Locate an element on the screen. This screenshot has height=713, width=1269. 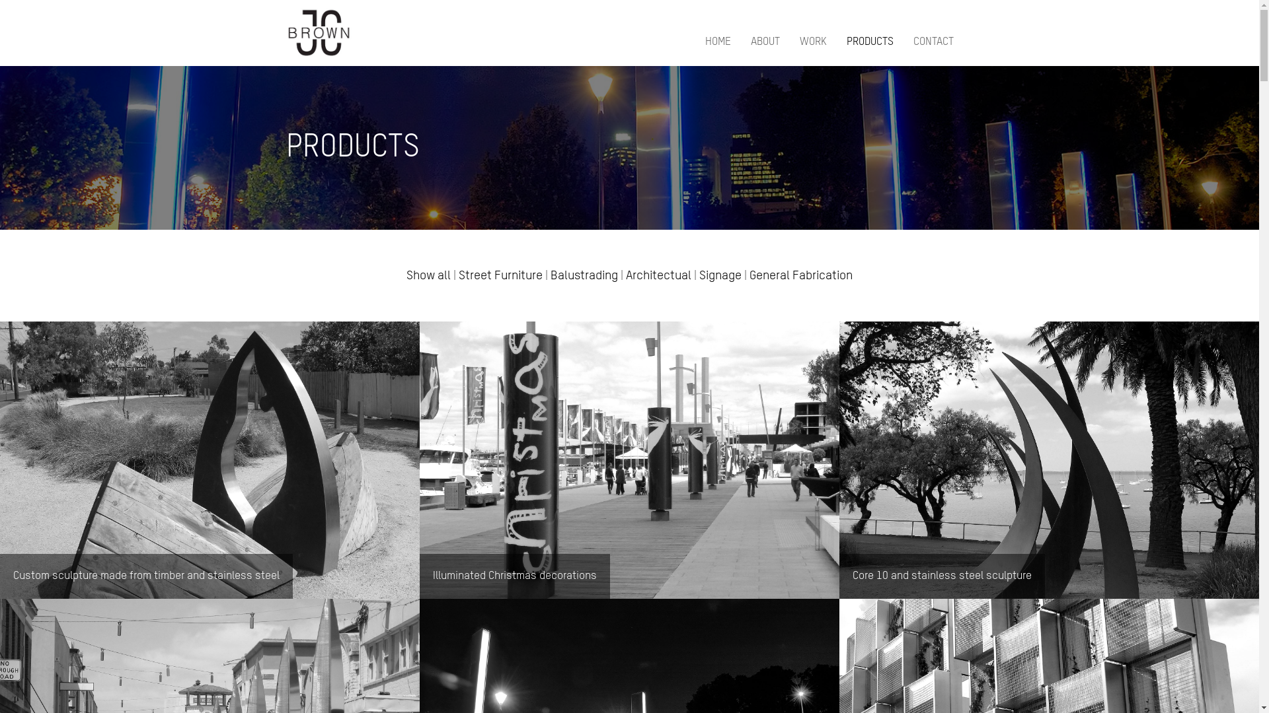
'General Fabrication' is located at coordinates (800, 275).